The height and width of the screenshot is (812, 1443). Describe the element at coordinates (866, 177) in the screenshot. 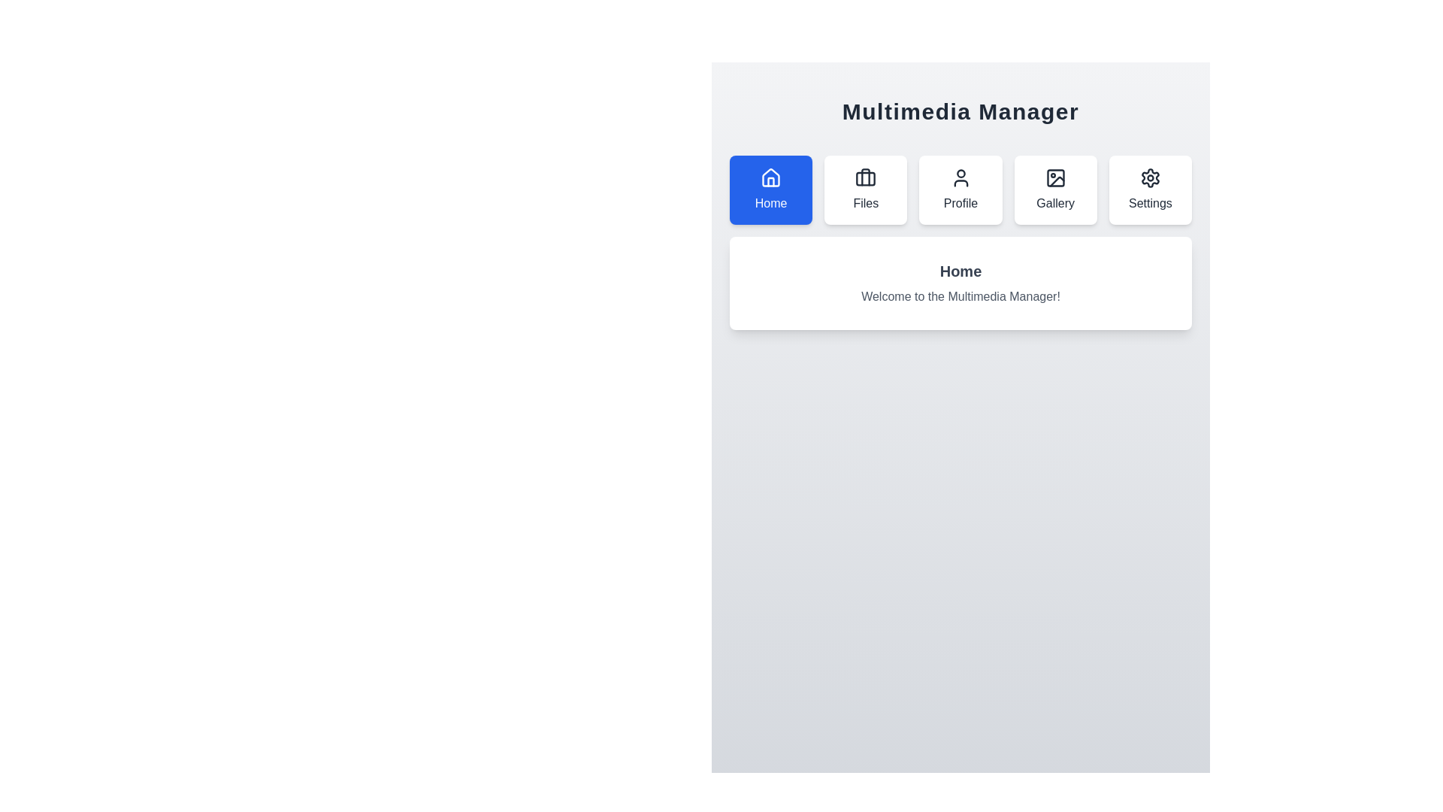

I see `the briefcase icon located within the 'Files' button in the Multimedia Manager navigation row` at that location.